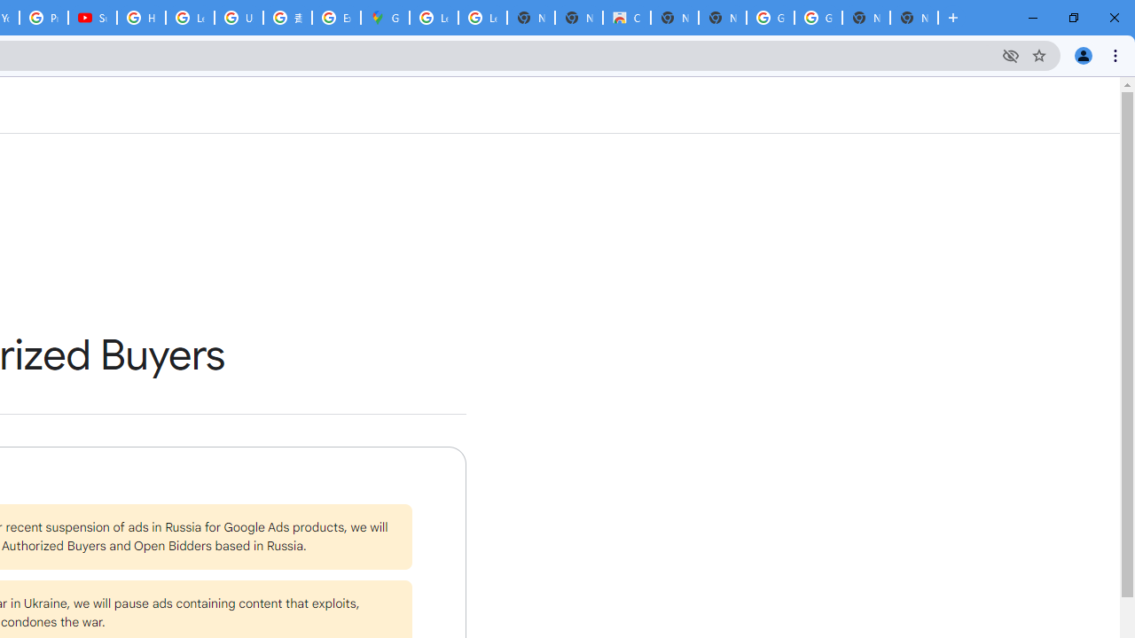 This screenshot has width=1135, height=638. What do you see at coordinates (336, 18) in the screenshot?
I see `'Explore new street-level details - Google Maps Help'` at bounding box center [336, 18].